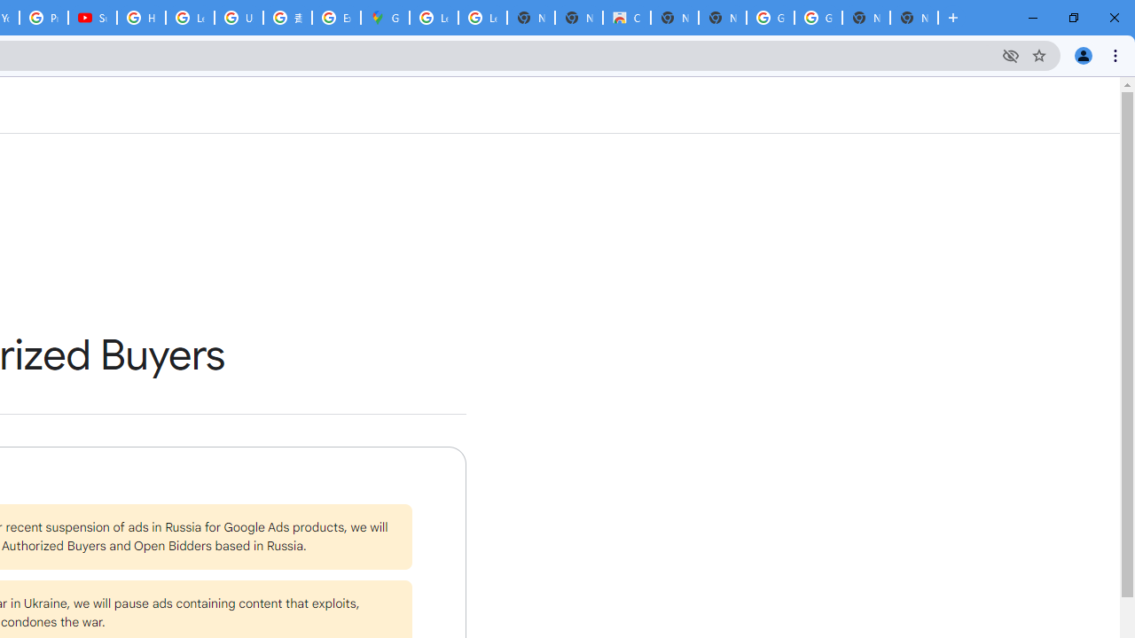 This screenshot has width=1135, height=638. What do you see at coordinates (336, 18) in the screenshot?
I see `'Explore new street-level details - Google Maps Help'` at bounding box center [336, 18].